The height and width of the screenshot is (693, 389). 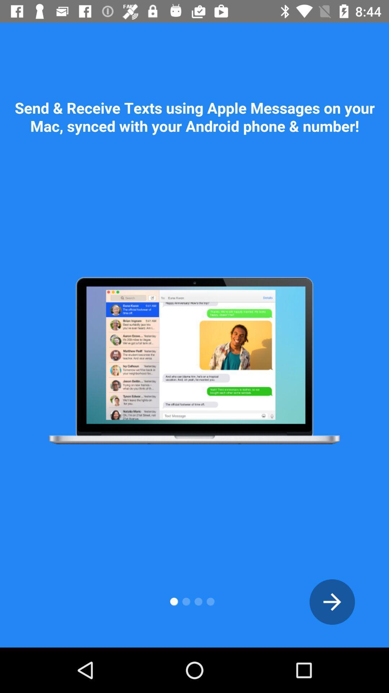 I want to click on advertisement, so click(x=332, y=602).